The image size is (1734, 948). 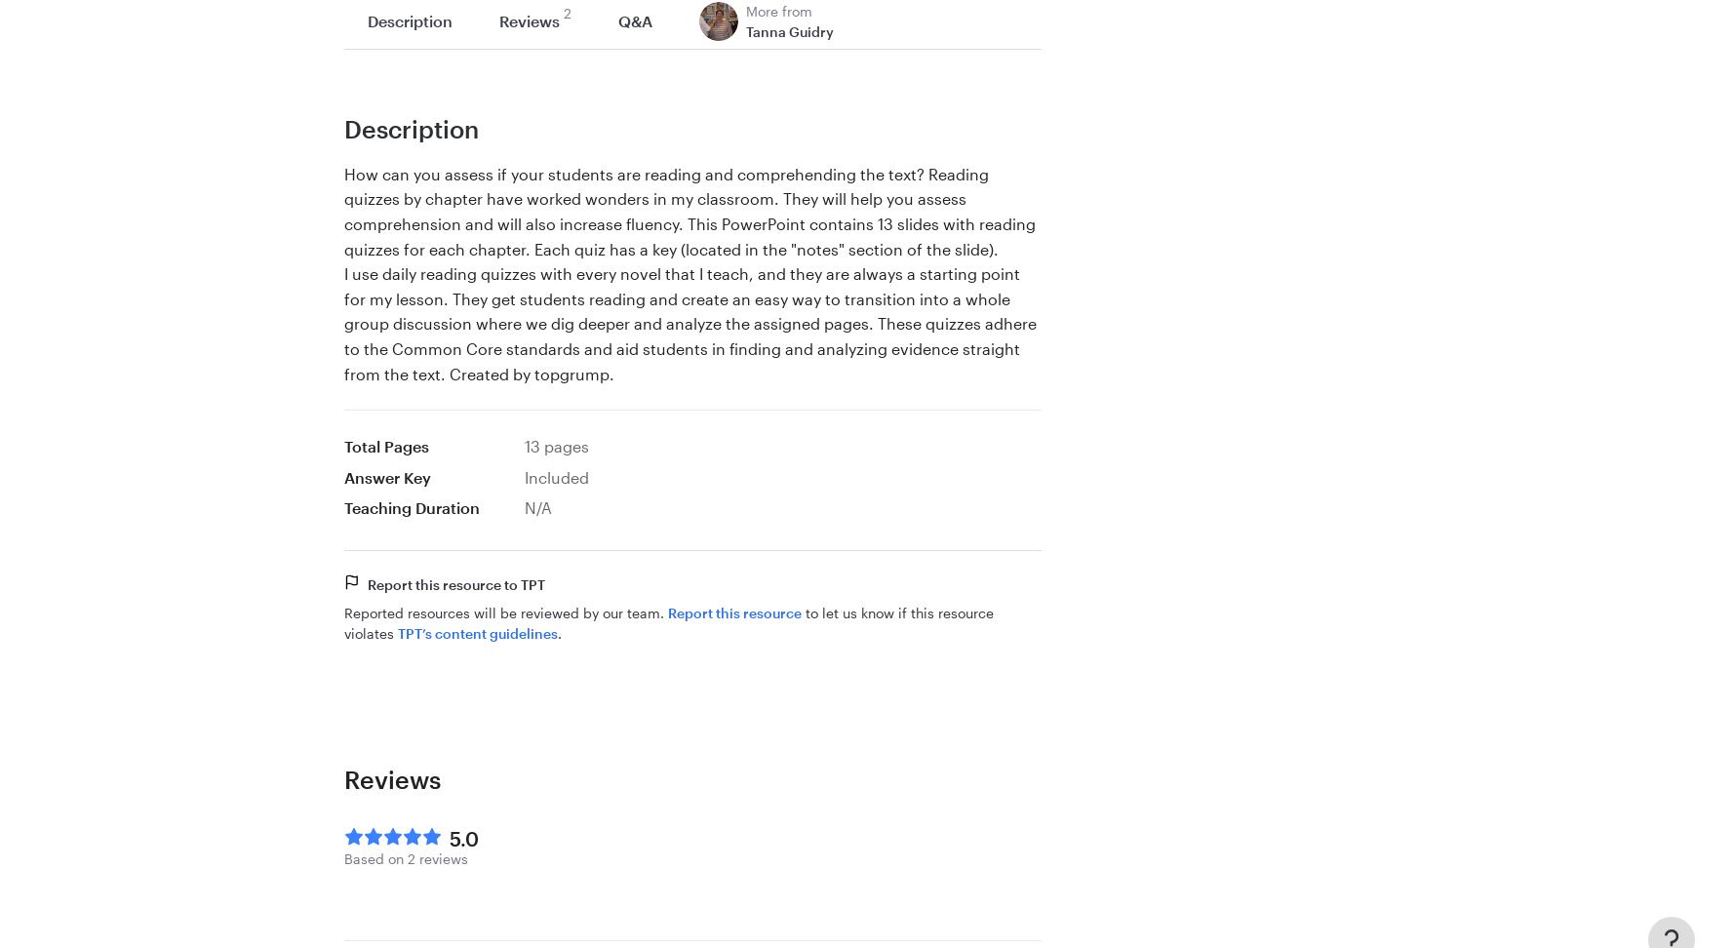 What do you see at coordinates (387, 476) in the screenshot?
I see `'Answer Key'` at bounding box center [387, 476].